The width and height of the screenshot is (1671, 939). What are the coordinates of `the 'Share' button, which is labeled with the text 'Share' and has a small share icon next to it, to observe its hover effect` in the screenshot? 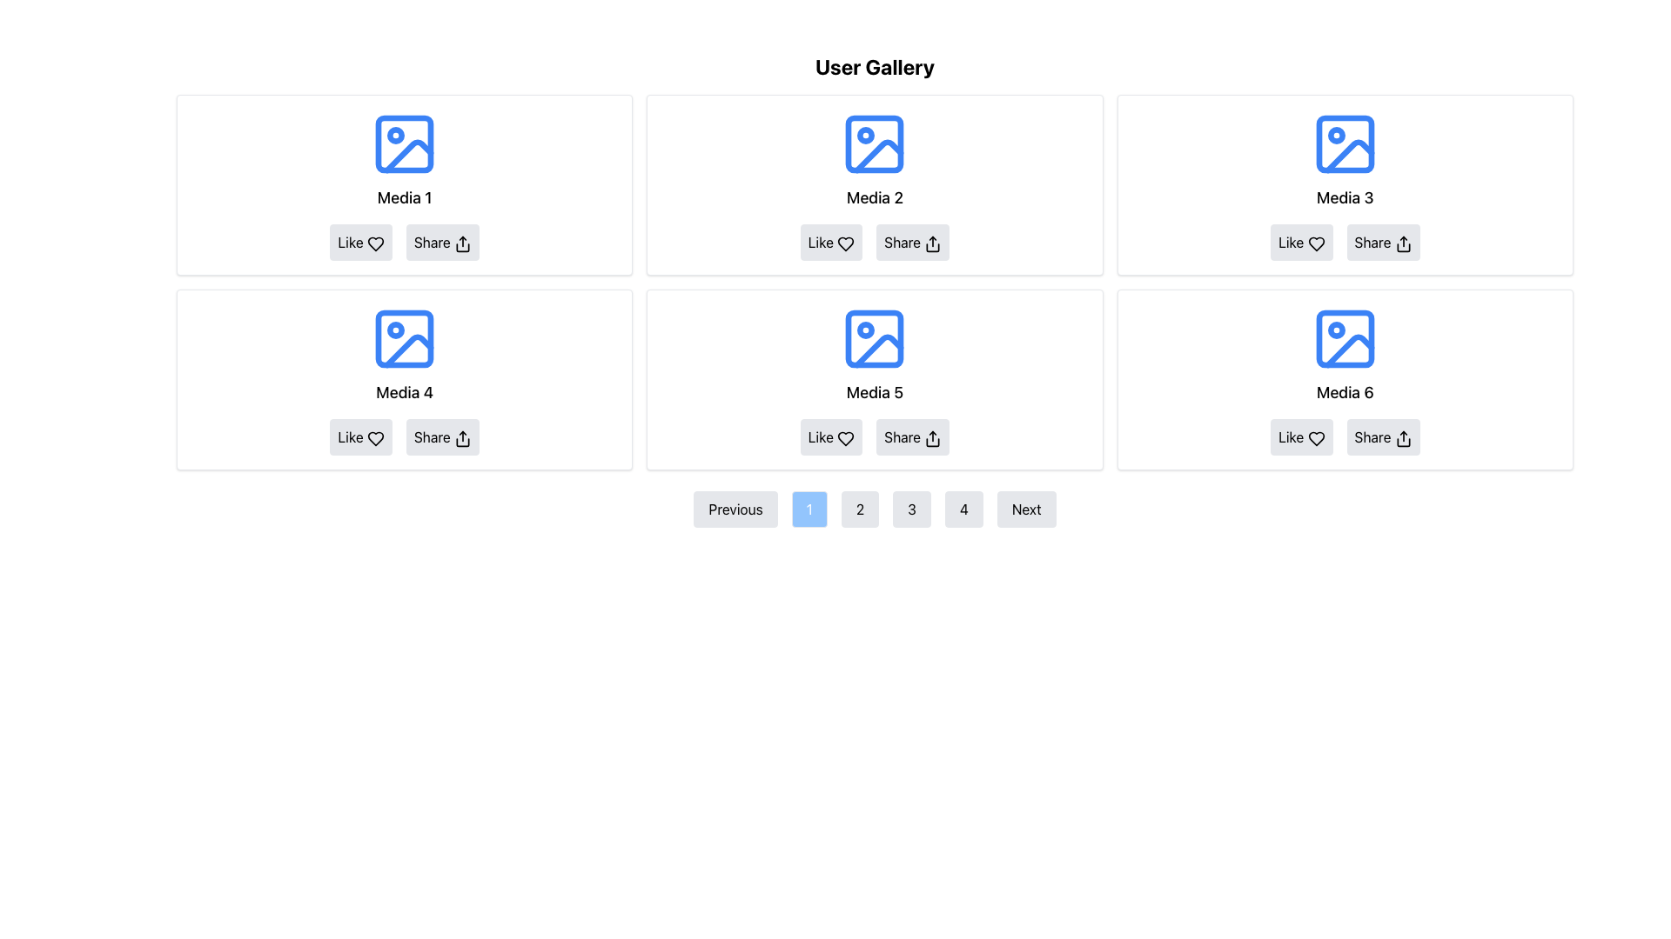 It's located at (442, 242).